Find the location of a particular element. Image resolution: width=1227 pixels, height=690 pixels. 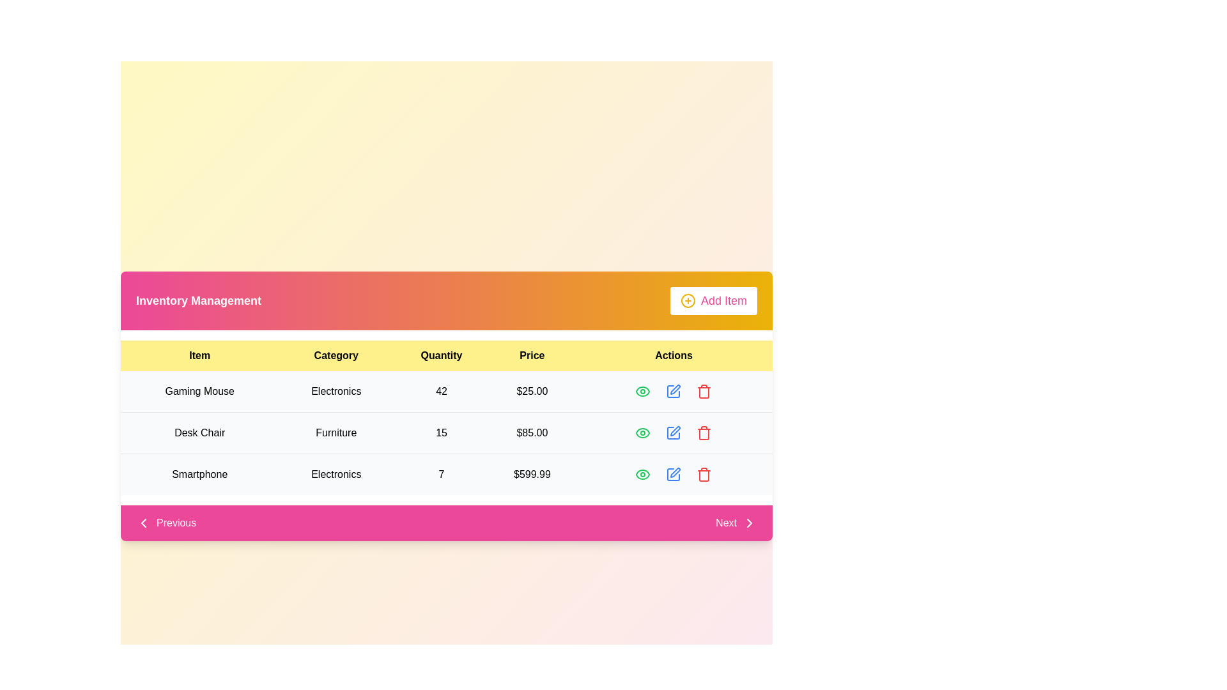

the text label displaying the number '7' in the 'Quantity' column of the third row of the table is located at coordinates (442, 474).